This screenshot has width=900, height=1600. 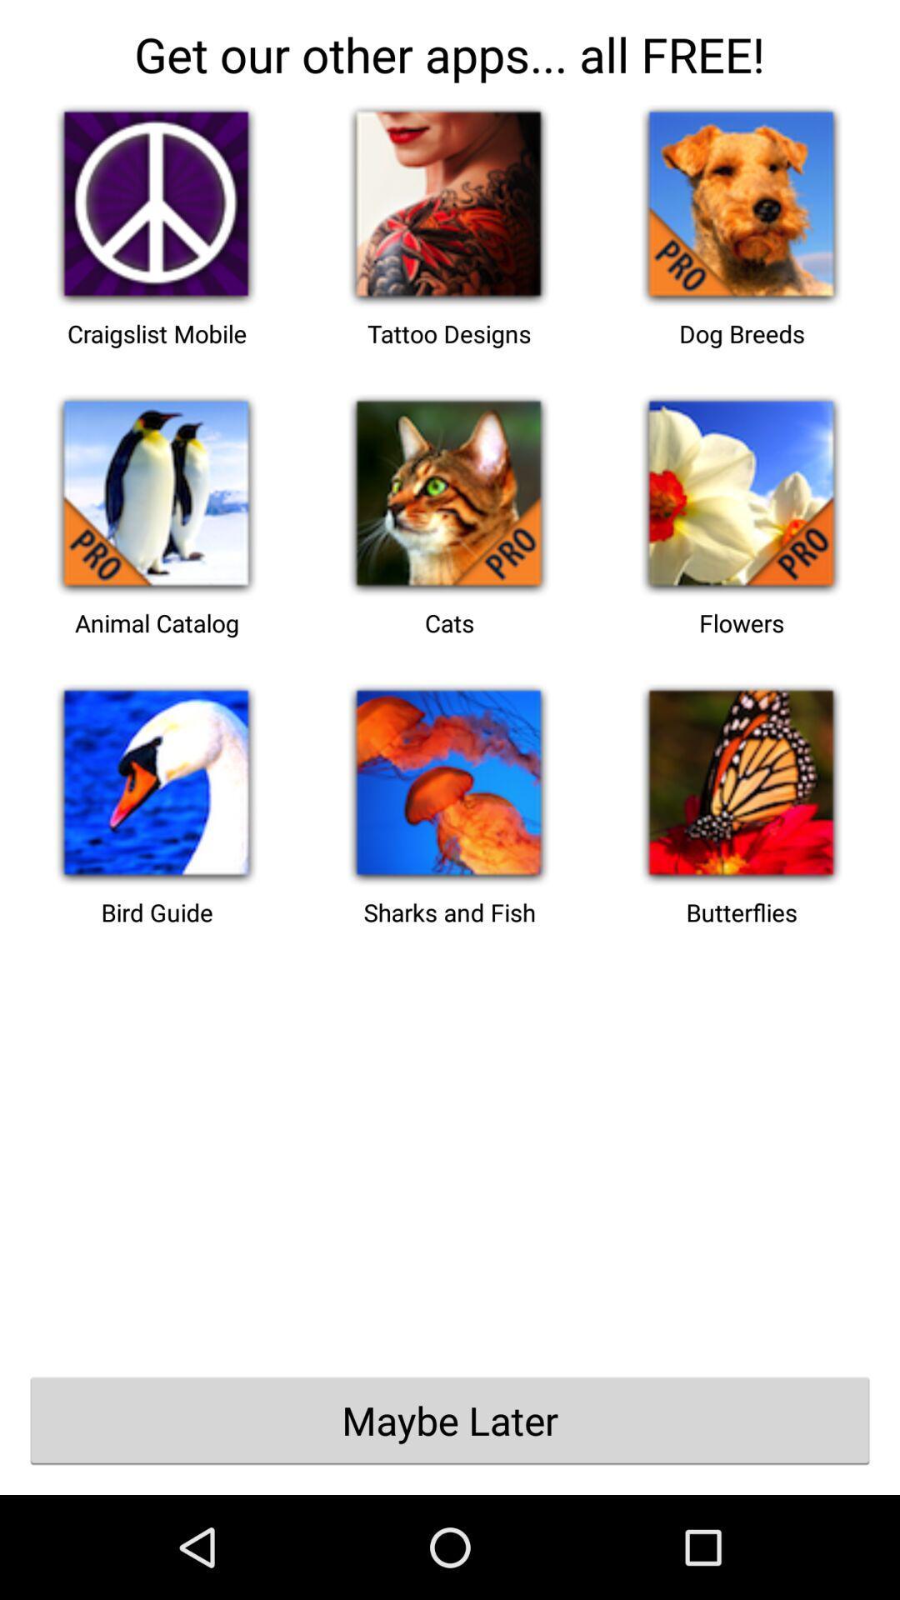 What do you see at coordinates (450, 1419) in the screenshot?
I see `maybe later item` at bounding box center [450, 1419].